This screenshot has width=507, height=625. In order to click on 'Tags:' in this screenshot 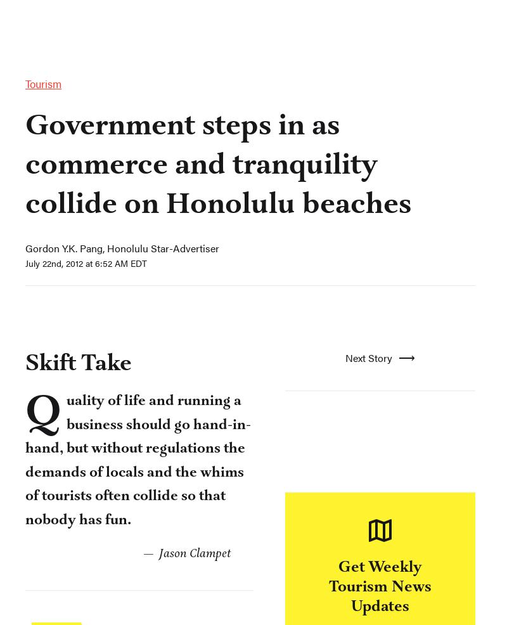, I will do `click(37, 463)`.